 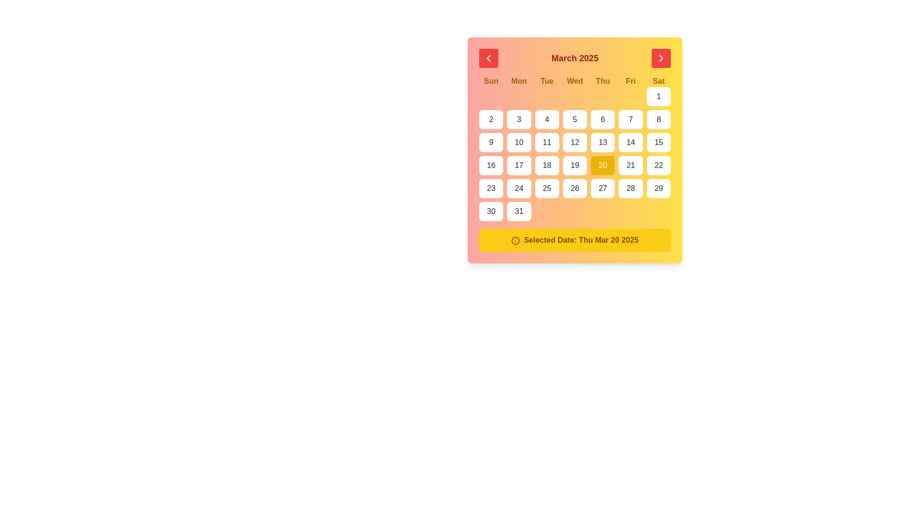 What do you see at coordinates (518, 211) in the screenshot?
I see `the date selection button for March 31, 2025, located in the last column of the final row of the calendar grid` at bounding box center [518, 211].